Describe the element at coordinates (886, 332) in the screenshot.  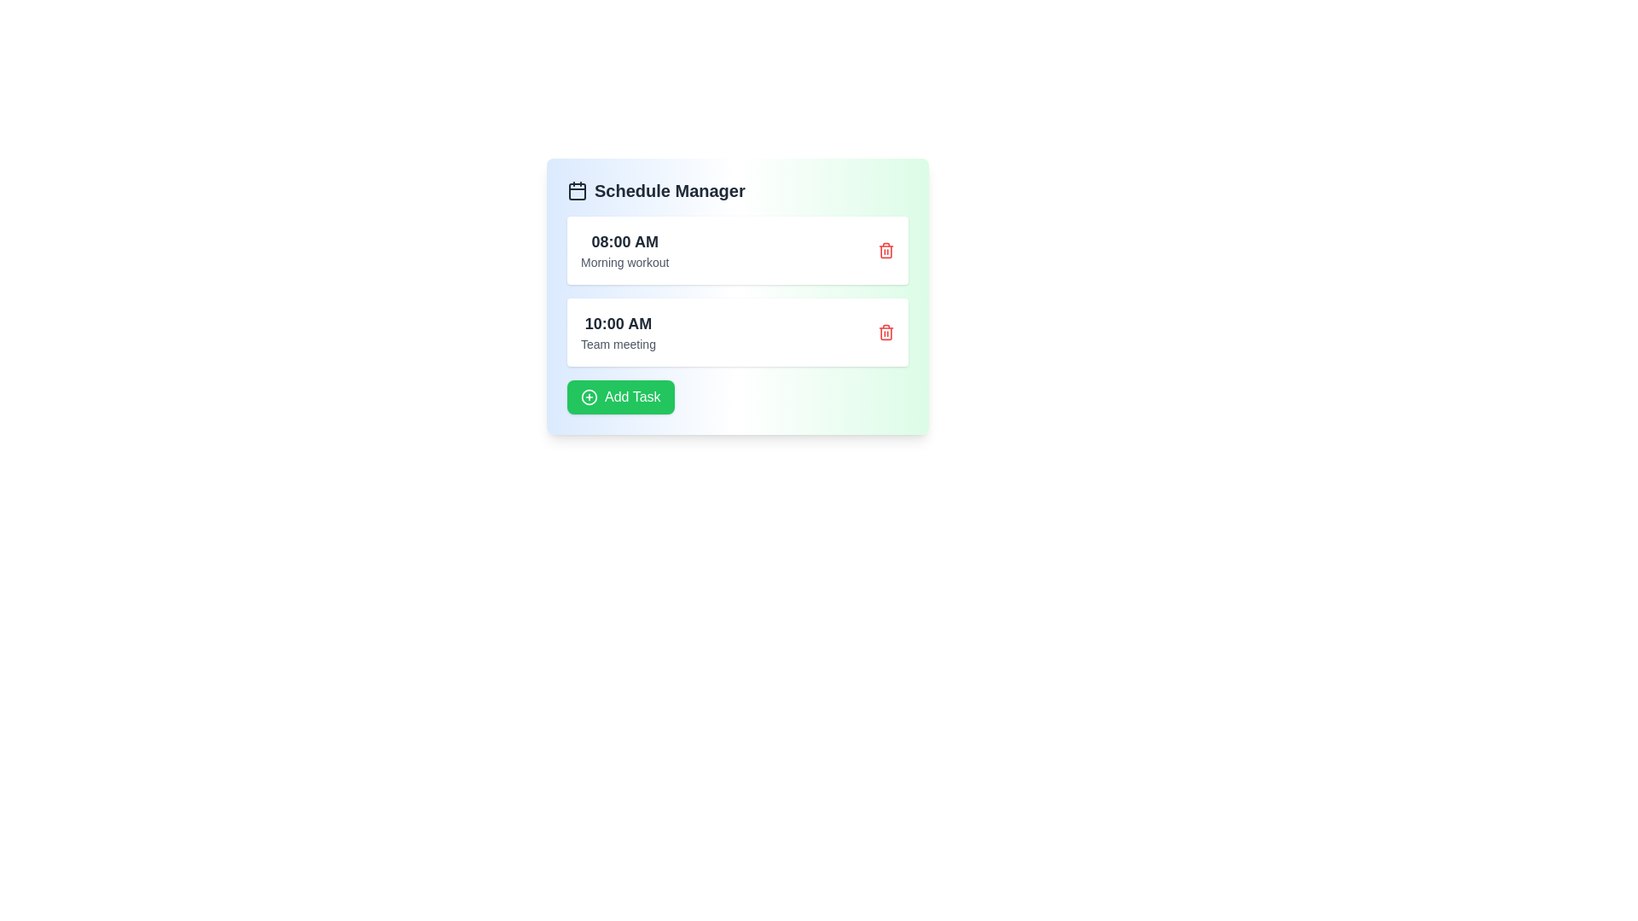
I see `the task corresponding to 2` at that location.